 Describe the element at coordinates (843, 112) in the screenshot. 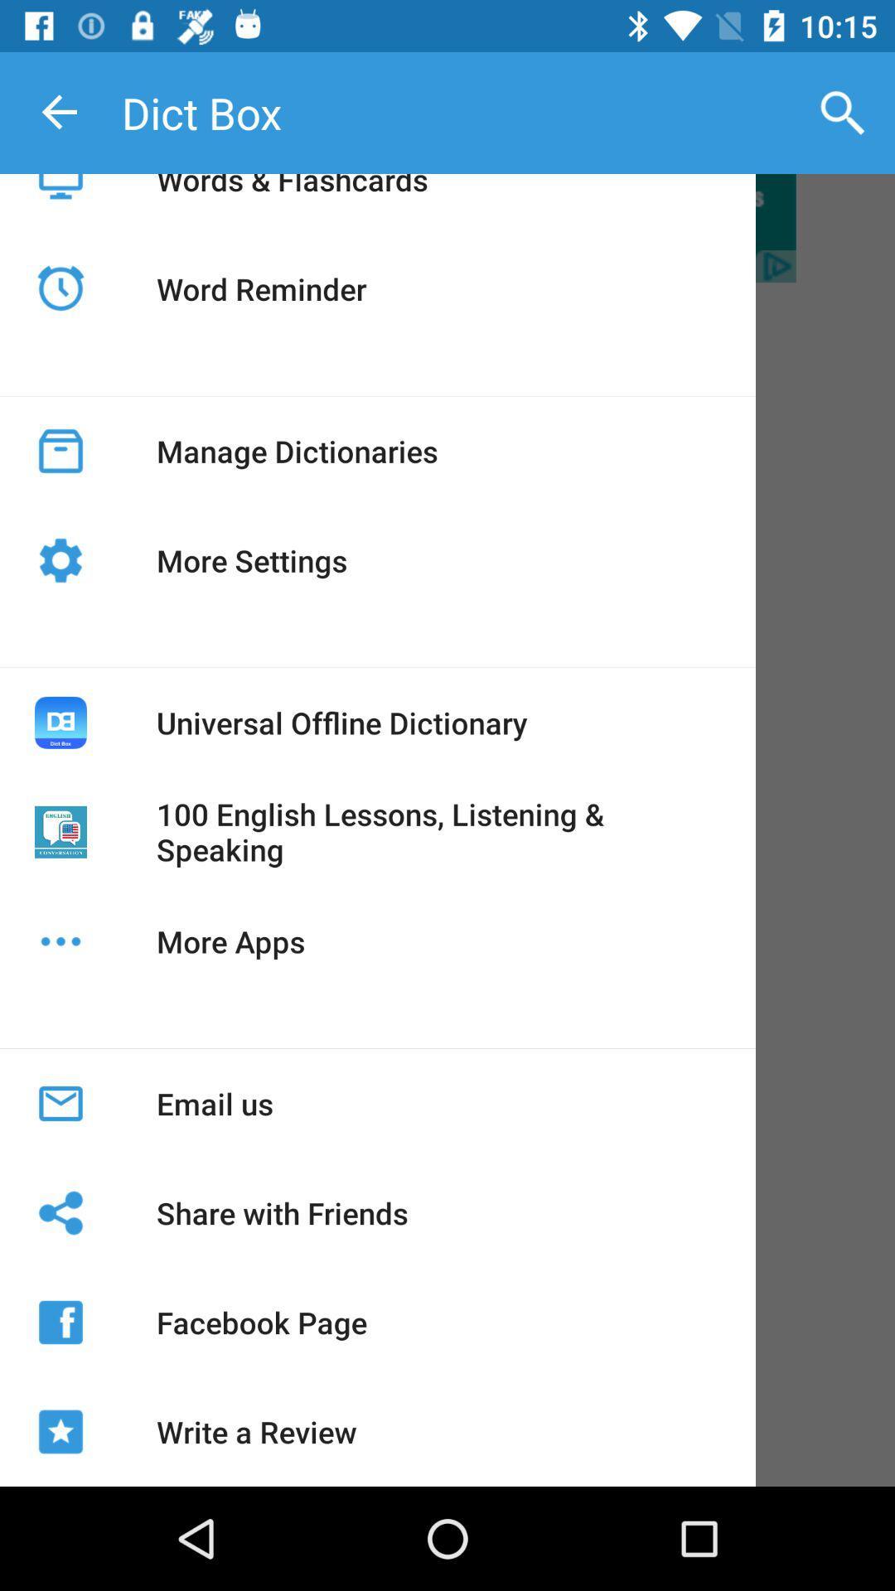

I see `icon to the right of the dict box item` at that location.